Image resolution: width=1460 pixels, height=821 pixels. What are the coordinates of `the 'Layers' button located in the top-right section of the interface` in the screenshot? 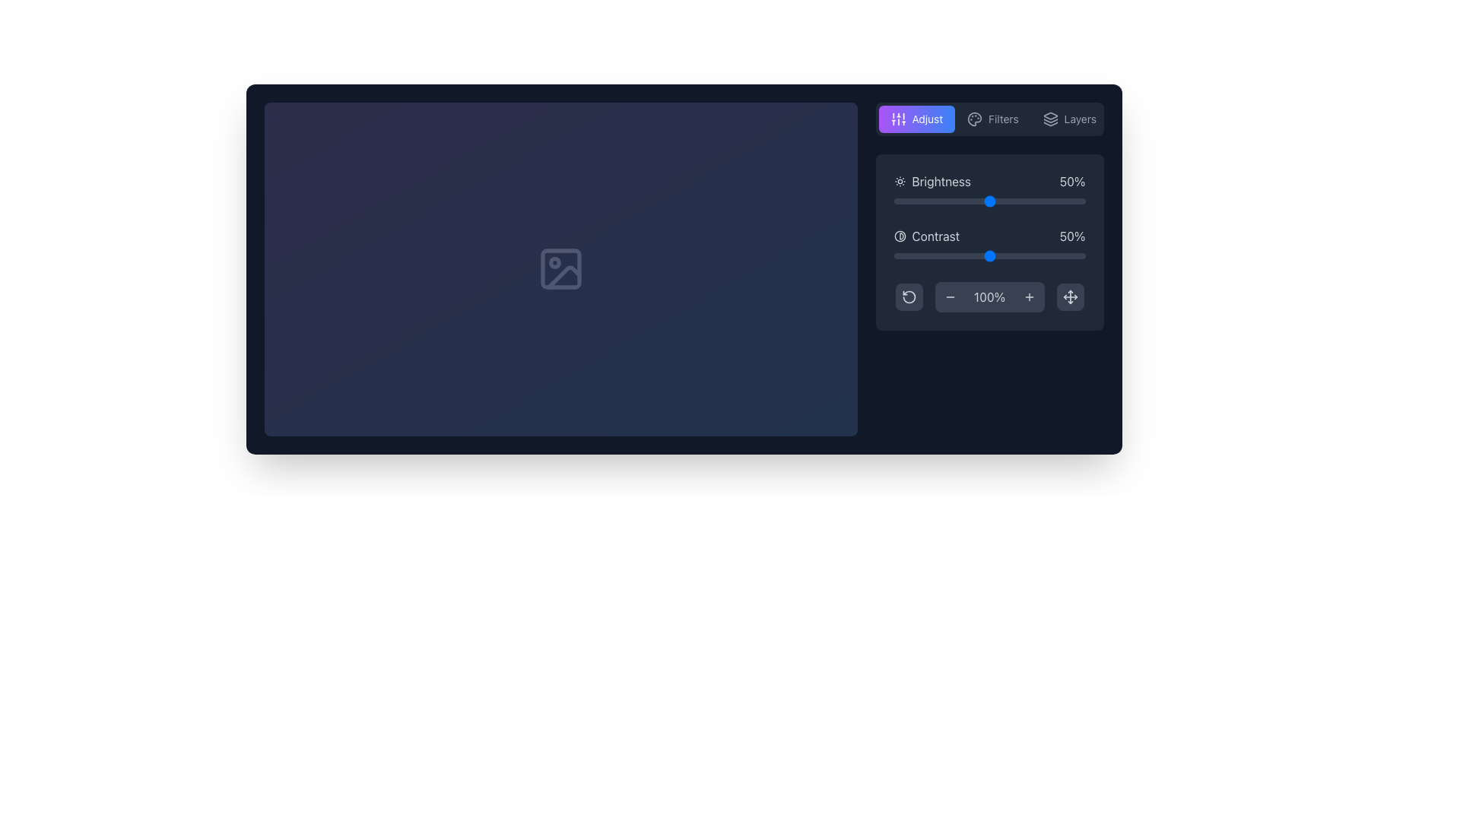 It's located at (1068, 119).